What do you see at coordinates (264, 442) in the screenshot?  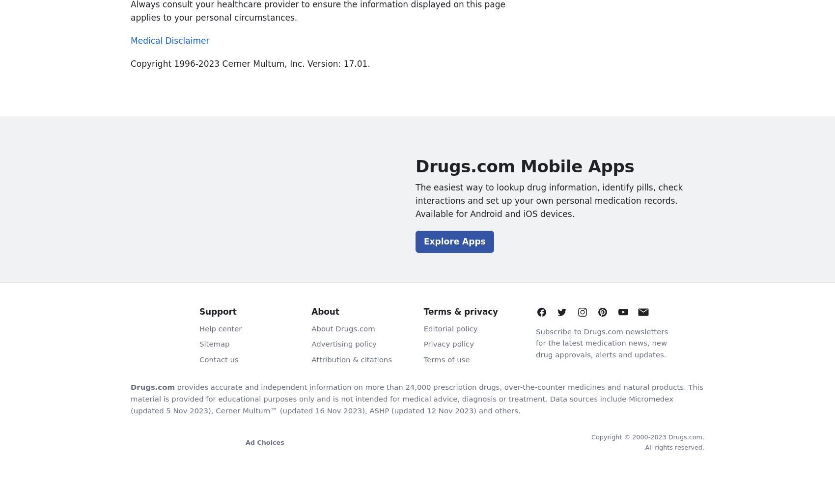 I see `'Ad Choices'` at bounding box center [264, 442].